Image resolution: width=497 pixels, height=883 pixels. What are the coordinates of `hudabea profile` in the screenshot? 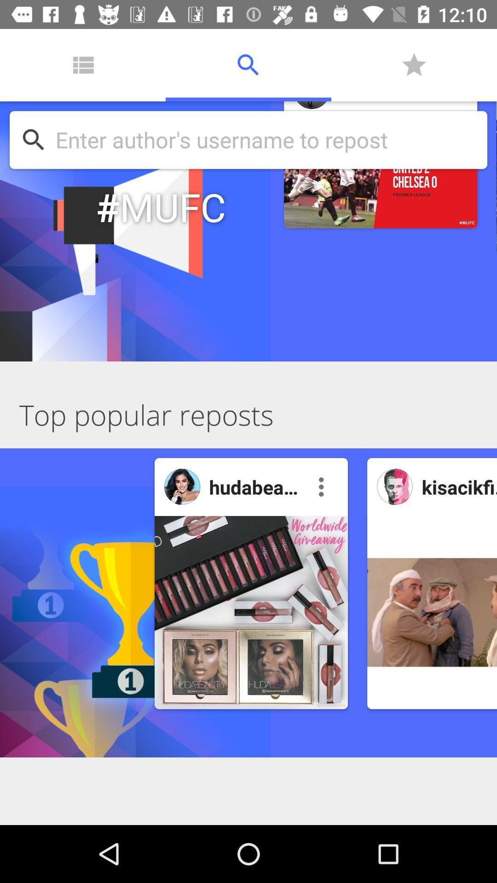 It's located at (182, 486).